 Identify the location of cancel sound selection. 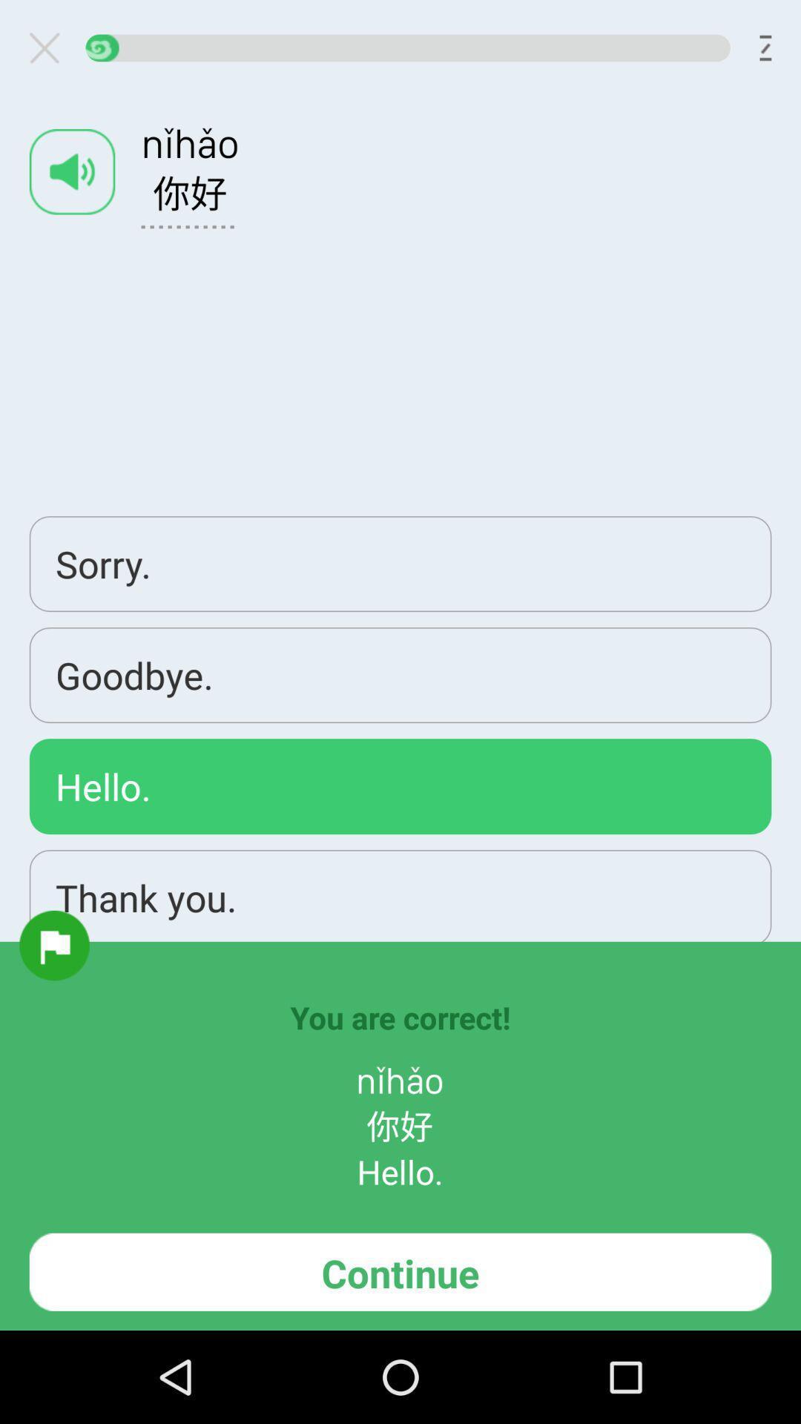
(50, 47).